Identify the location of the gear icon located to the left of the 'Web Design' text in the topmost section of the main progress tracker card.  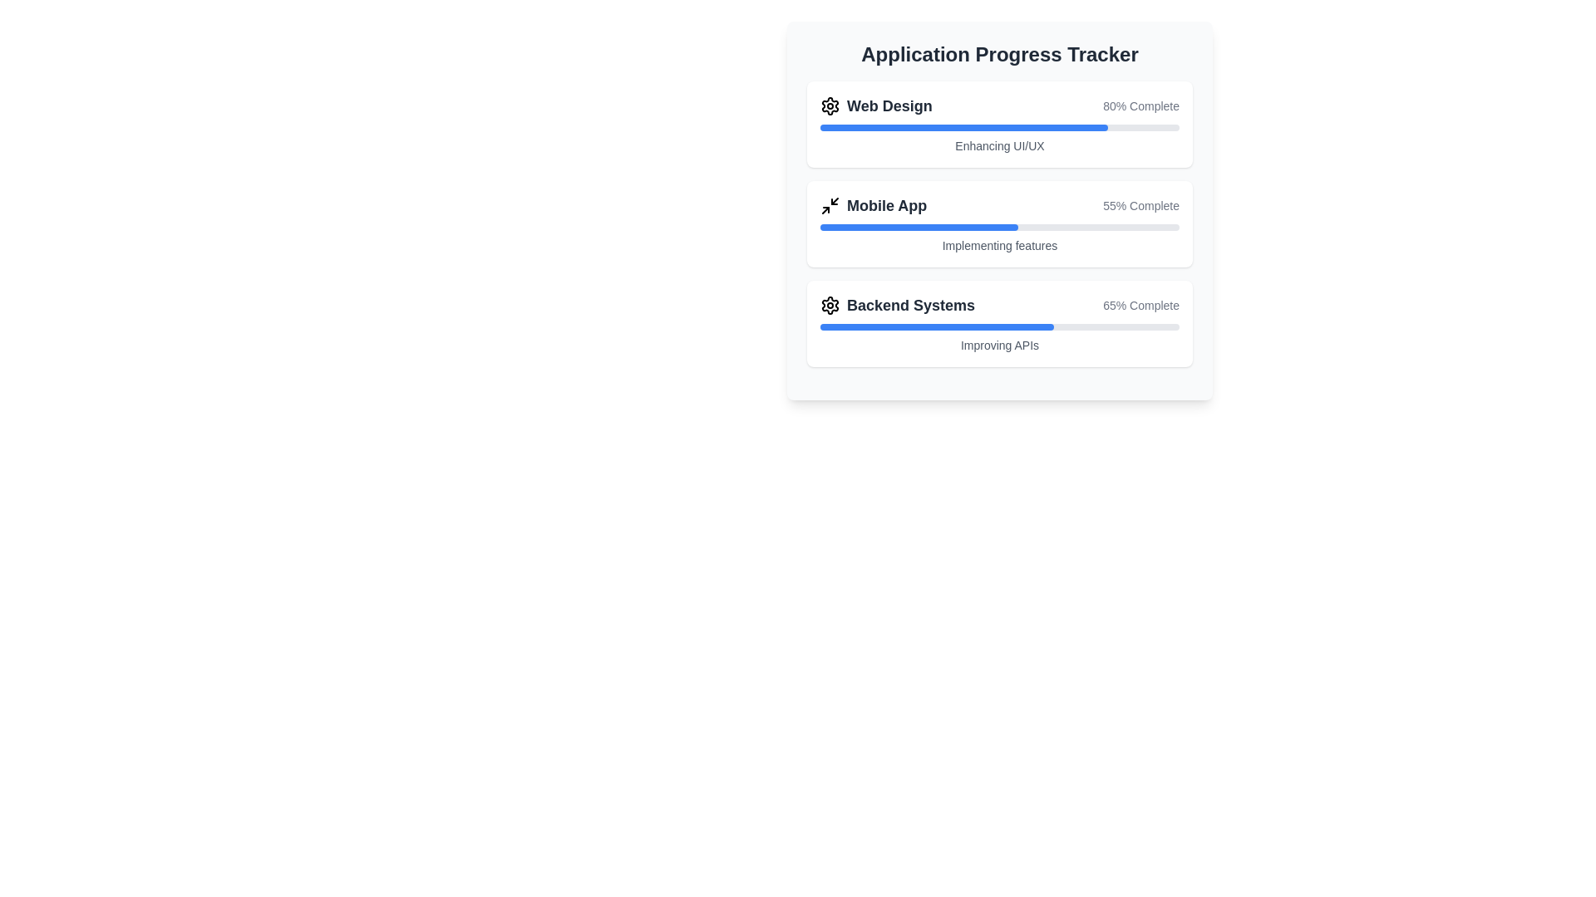
(830, 105).